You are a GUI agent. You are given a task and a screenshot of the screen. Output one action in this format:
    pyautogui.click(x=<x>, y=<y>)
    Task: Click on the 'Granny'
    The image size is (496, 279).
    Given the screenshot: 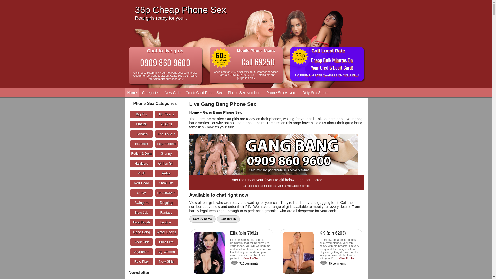 What is the action you would take?
    pyautogui.click(x=166, y=153)
    